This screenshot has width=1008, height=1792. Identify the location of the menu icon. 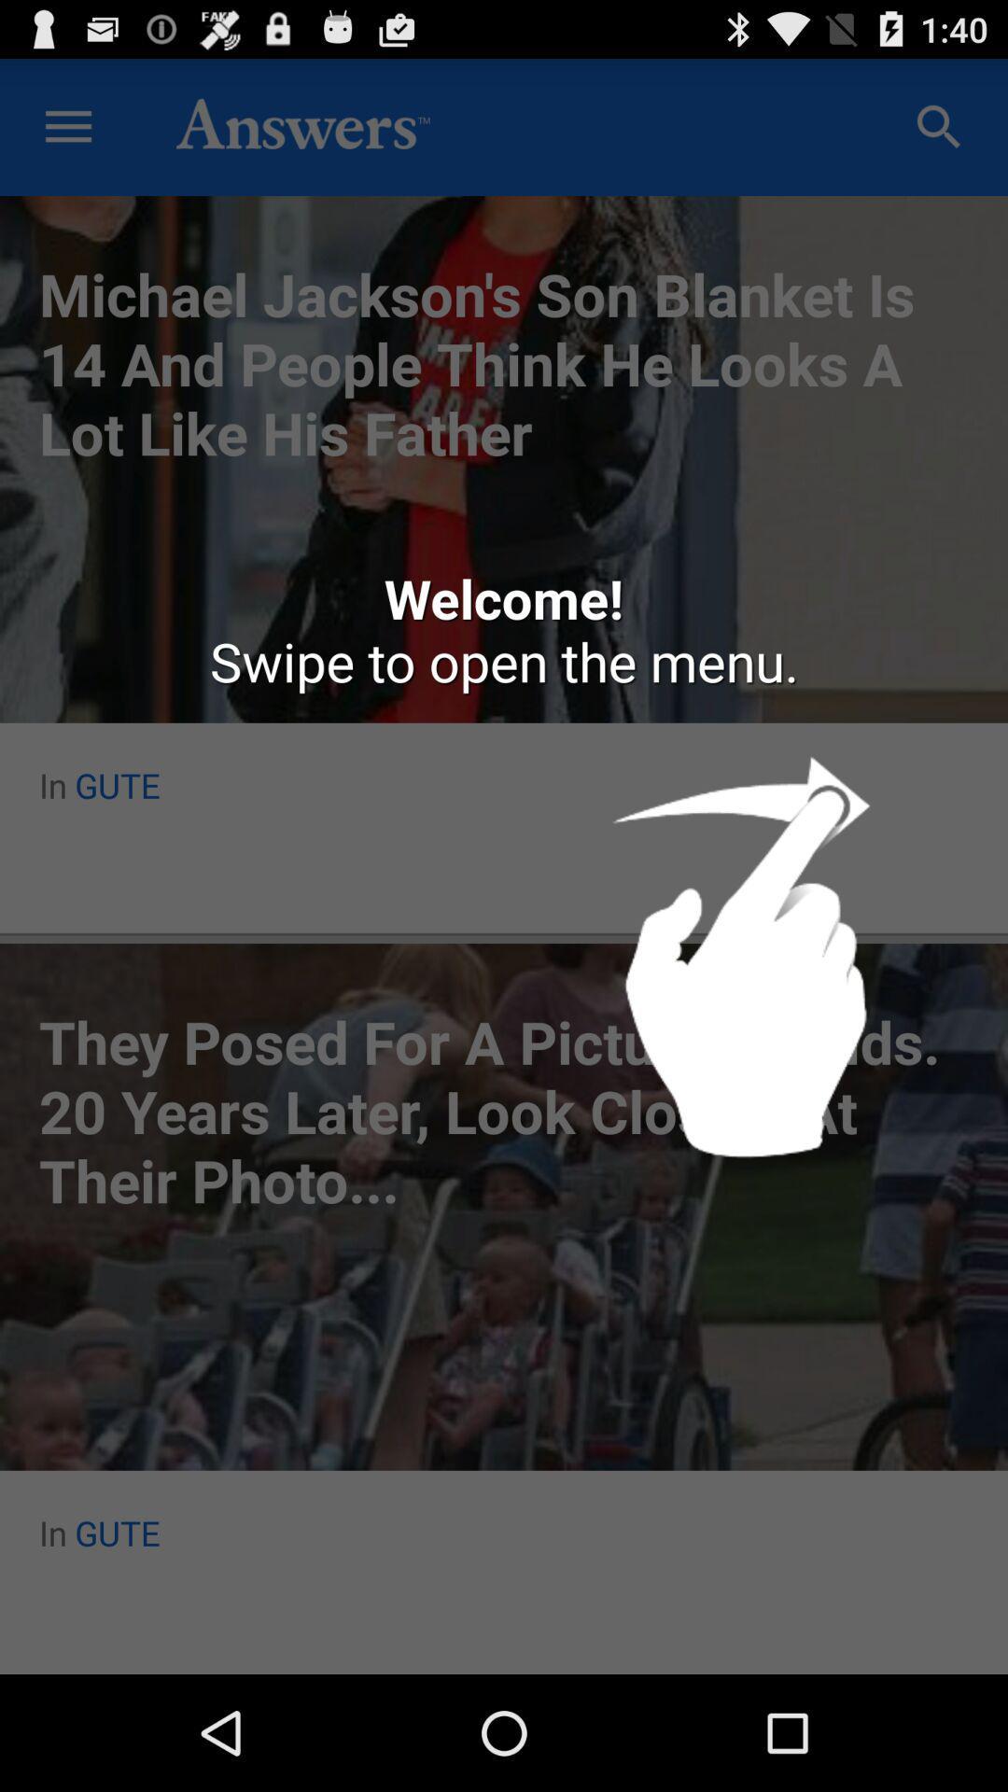
(67, 135).